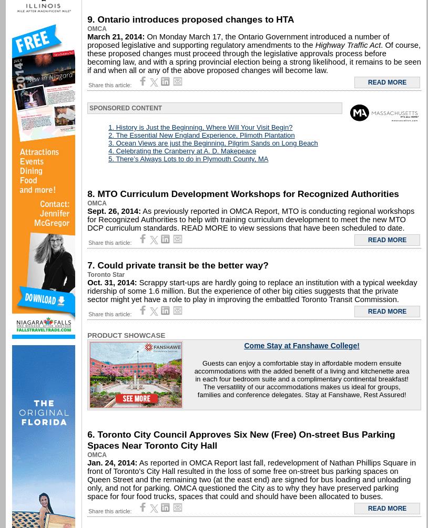 Image resolution: width=428 pixels, height=528 pixels. Describe the element at coordinates (86, 211) in the screenshot. I see `'Sept. 26, 2014:'` at that location.